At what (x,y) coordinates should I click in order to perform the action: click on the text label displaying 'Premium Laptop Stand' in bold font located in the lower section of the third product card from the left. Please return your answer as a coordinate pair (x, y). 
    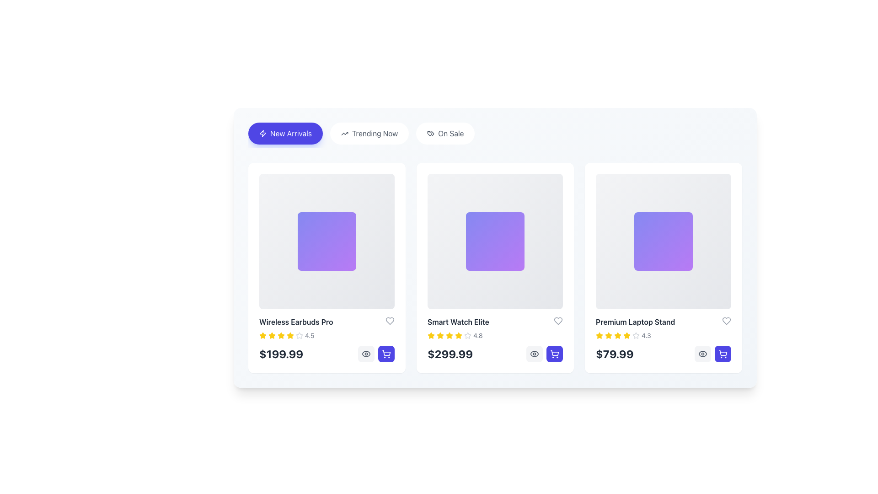
    Looking at the image, I should click on (635, 322).